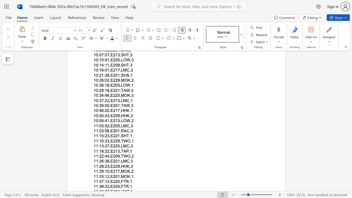  What do you see at coordinates (111, 136) in the screenshot?
I see `the space between the continuous character "," and "E" in the text` at bounding box center [111, 136].